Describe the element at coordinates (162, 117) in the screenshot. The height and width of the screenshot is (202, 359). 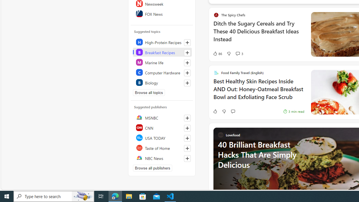
I see `'MSNBC'` at that location.